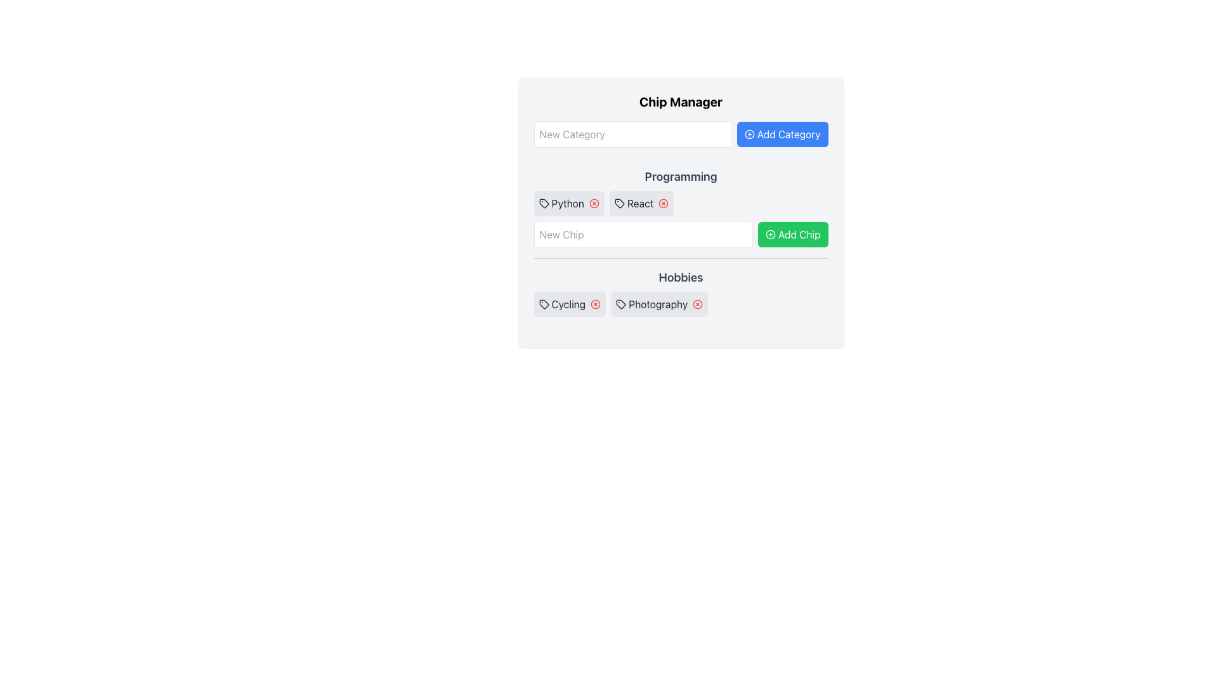 This screenshot has width=1218, height=685. What do you see at coordinates (695, 304) in the screenshot?
I see `the delete button styled as an interactive icon located on the right side of the 'Photography' chip in the 'Hobbies' section` at bounding box center [695, 304].